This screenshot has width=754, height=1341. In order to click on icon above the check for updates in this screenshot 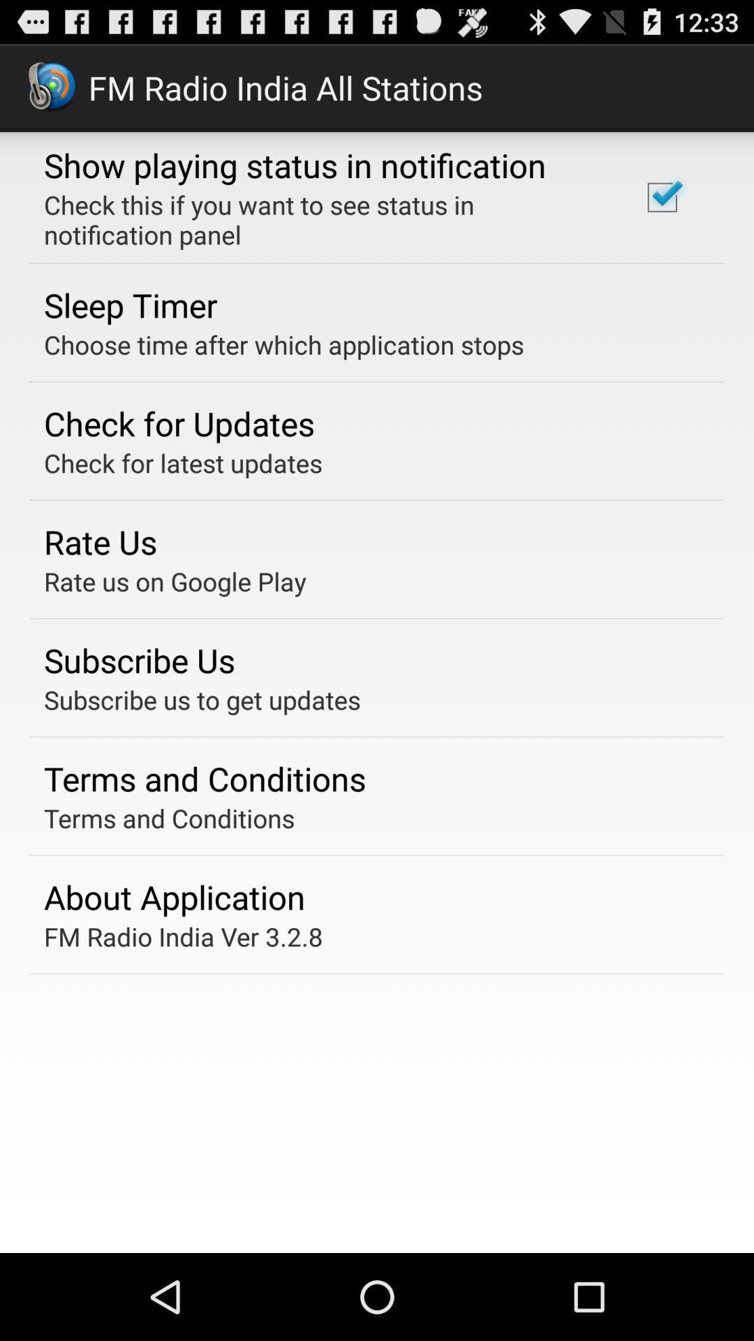, I will do `click(283, 344)`.